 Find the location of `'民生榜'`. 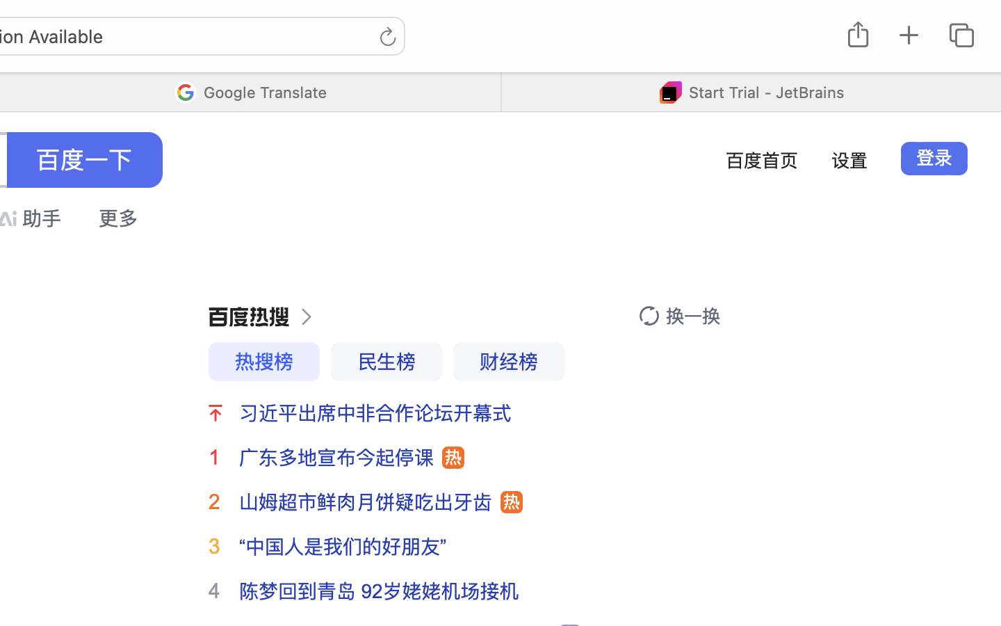

'民生榜' is located at coordinates (386, 361).